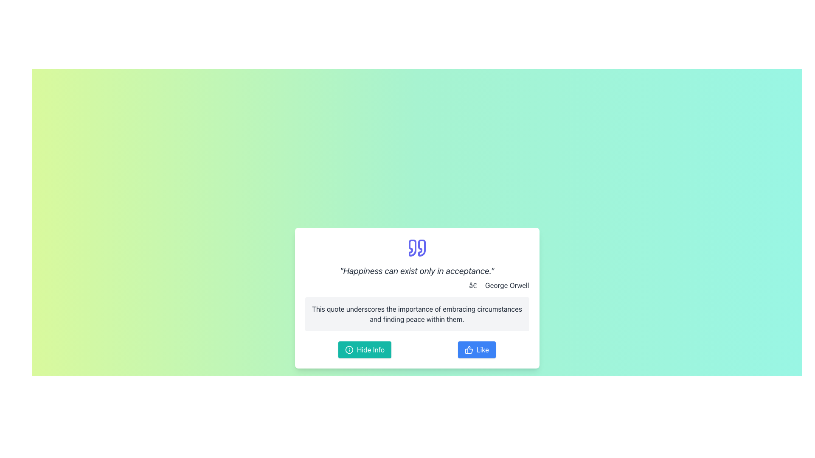  Describe the element at coordinates (417, 314) in the screenshot. I see `the Descriptive Text Box containing the quote about embracing circumstances and finding peace` at that location.